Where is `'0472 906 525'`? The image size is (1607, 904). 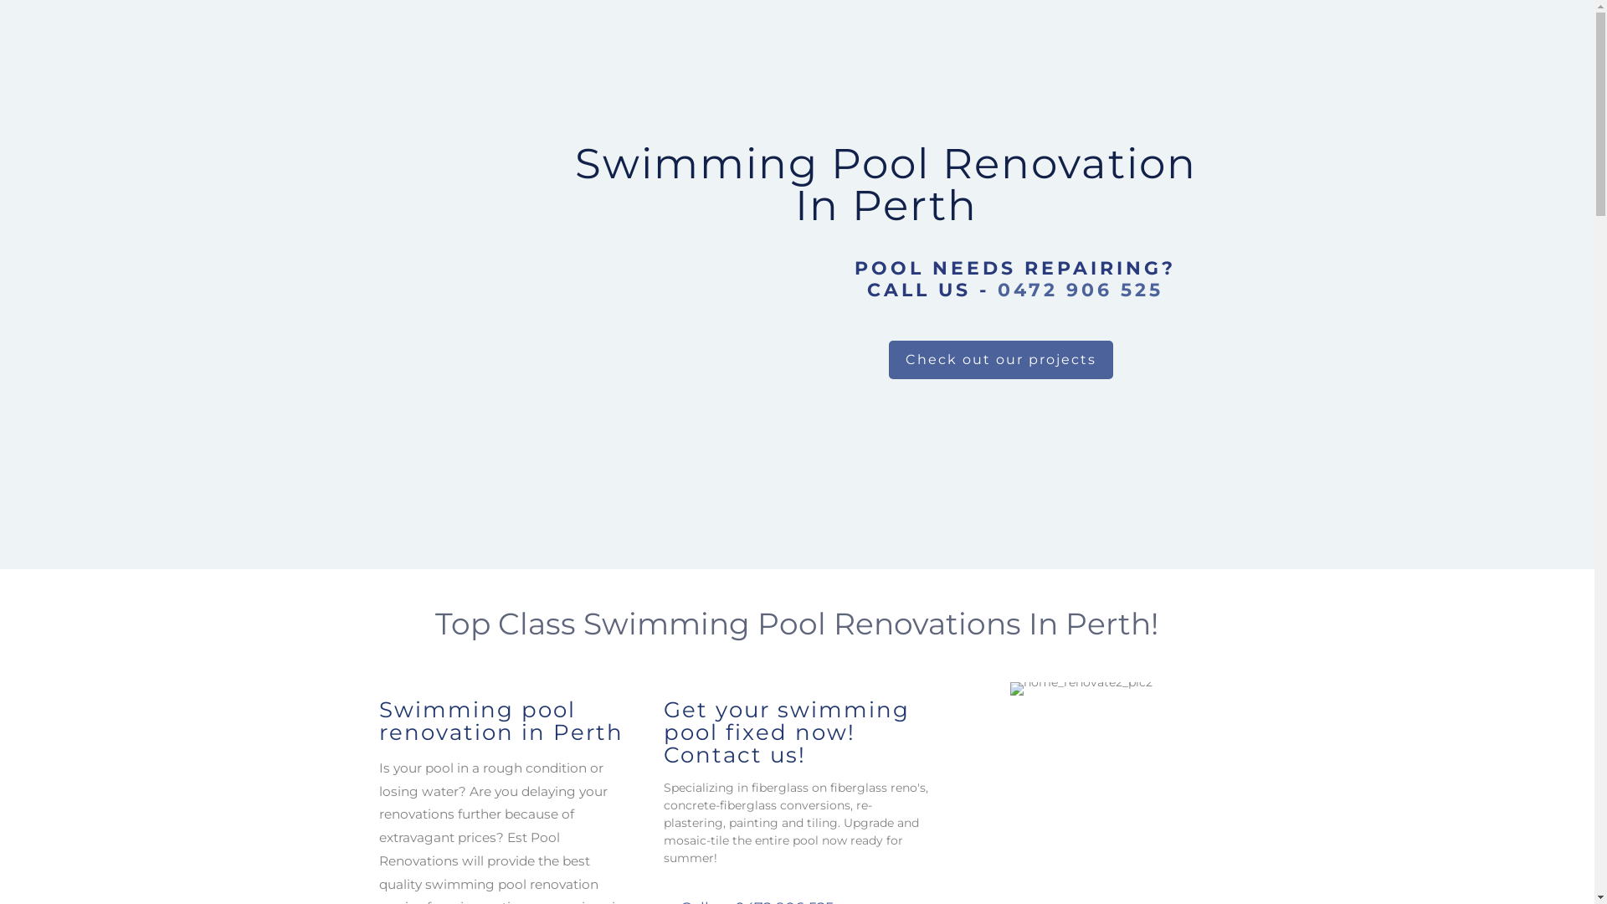 '0472 906 525' is located at coordinates (997, 289).